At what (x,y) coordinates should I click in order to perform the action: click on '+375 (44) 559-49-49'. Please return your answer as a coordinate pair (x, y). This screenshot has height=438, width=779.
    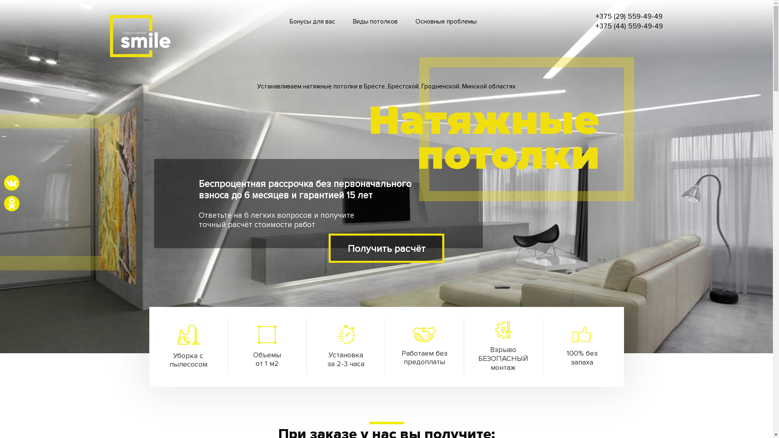
    Looking at the image, I should click on (628, 26).